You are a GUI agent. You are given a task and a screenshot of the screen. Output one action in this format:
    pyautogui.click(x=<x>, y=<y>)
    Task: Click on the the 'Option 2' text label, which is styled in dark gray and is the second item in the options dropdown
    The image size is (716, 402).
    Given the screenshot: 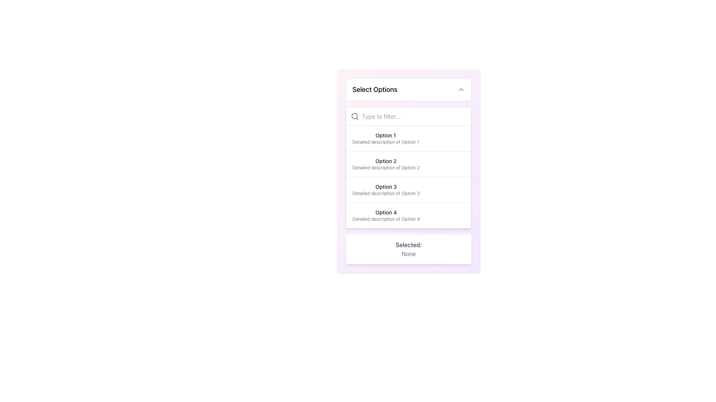 What is the action you would take?
    pyautogui.click(x=386, y=160)
    